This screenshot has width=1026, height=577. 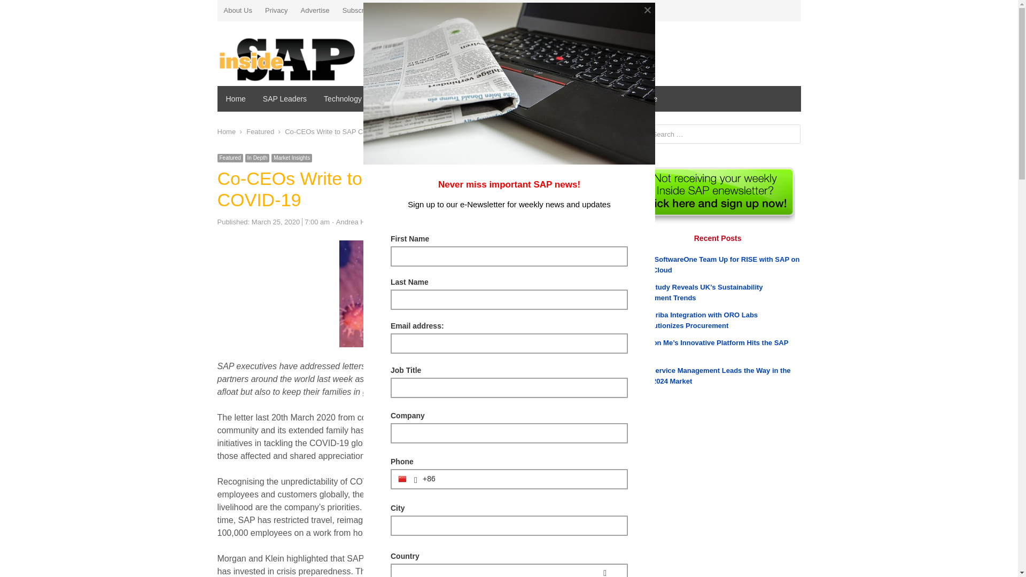 What do you see at coordinates (717, 264) in the screenshot?
I see `'AWS, SoftwareOne Team Up for RISE with SAP on AWS Cloud'` at bounding box center [717, 264].